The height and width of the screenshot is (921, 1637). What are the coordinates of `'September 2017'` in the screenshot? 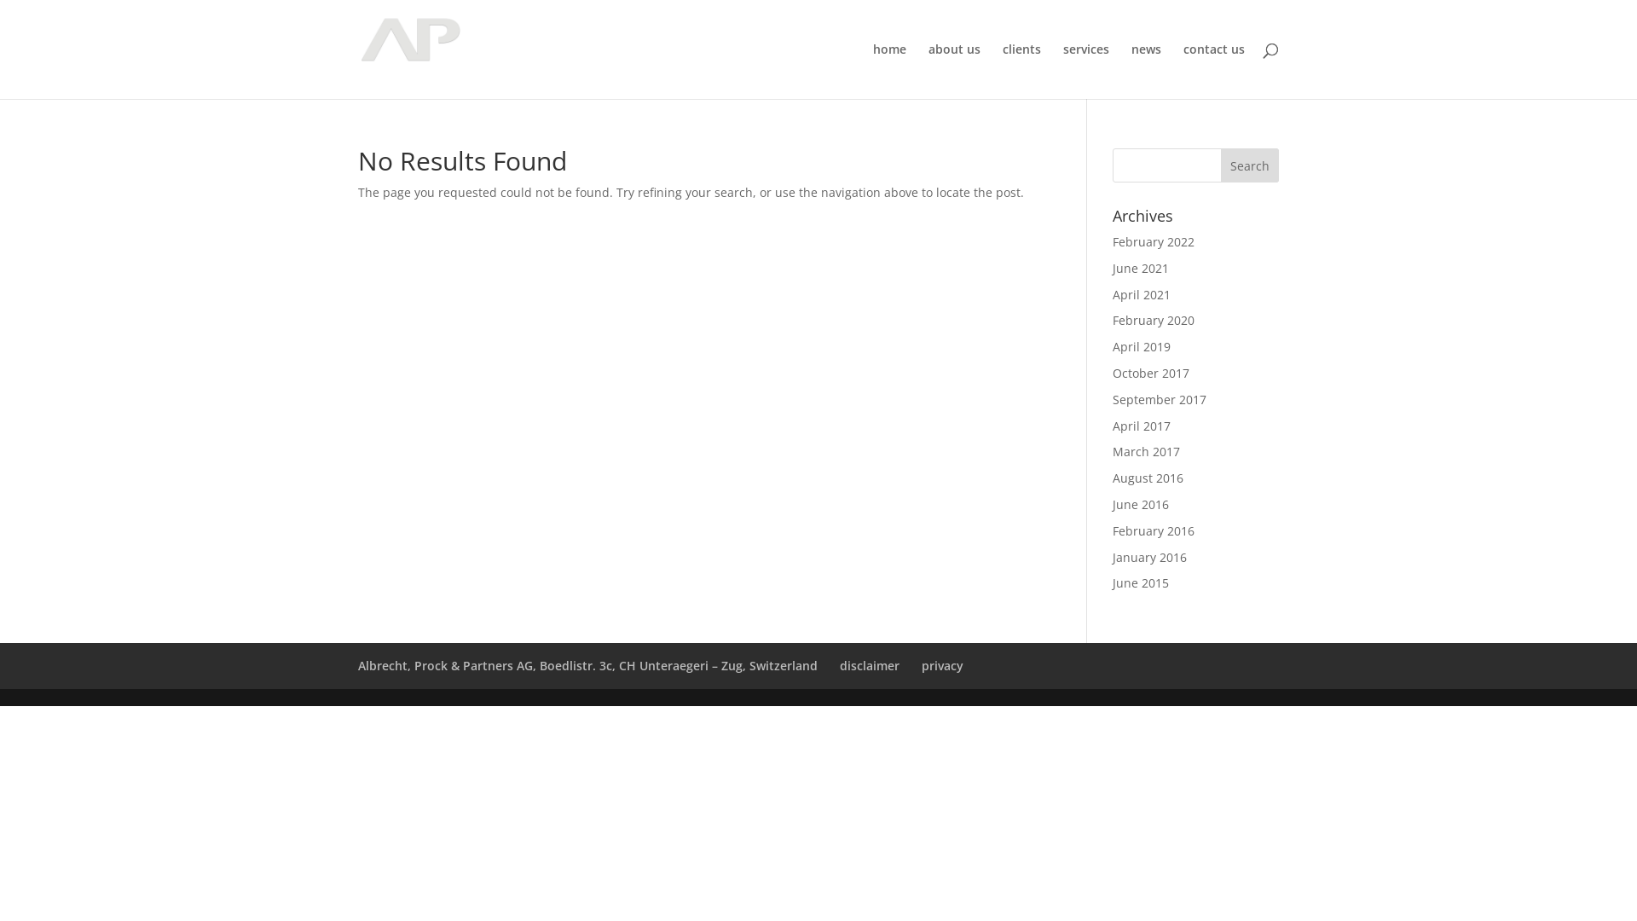 It's located at (1159, 399).